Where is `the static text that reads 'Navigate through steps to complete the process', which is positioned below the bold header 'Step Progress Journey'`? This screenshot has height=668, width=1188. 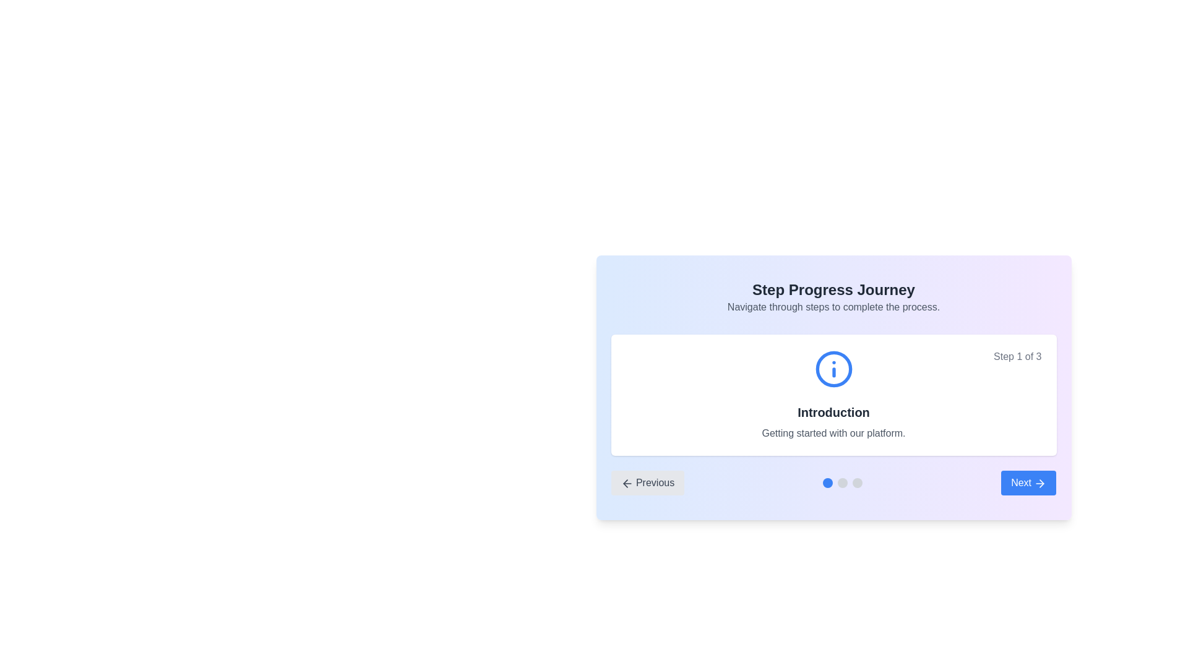 the static text that reads 'Navigate through steps to complete the process', which is positioned below the bold header 'Step Progress Journey' is located at coordinates (833, 307).